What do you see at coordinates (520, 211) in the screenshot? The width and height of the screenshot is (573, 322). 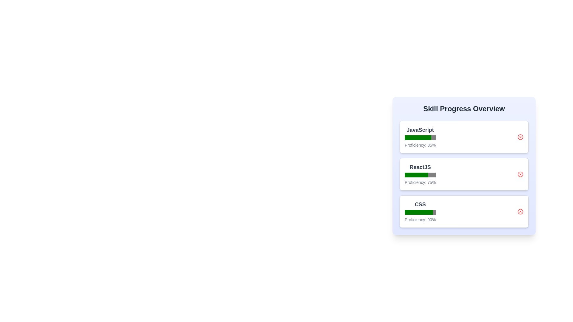 I see `the remove button for the skill CSS` at bounding box center [520, 211].